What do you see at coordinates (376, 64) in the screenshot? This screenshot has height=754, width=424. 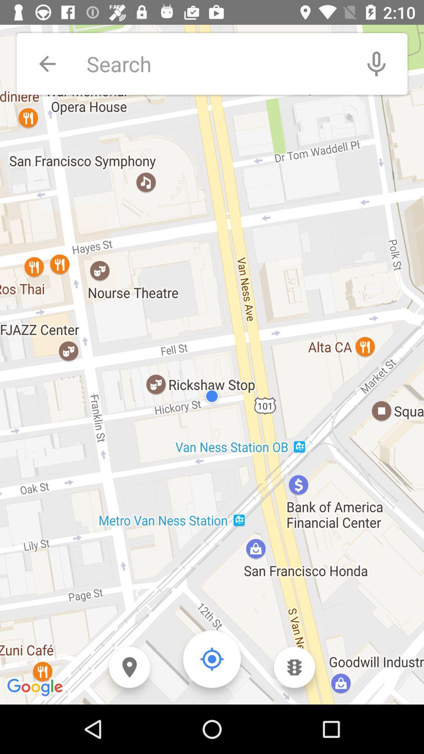 I see `the item at the top right corner` at bounding box center [376, 64].